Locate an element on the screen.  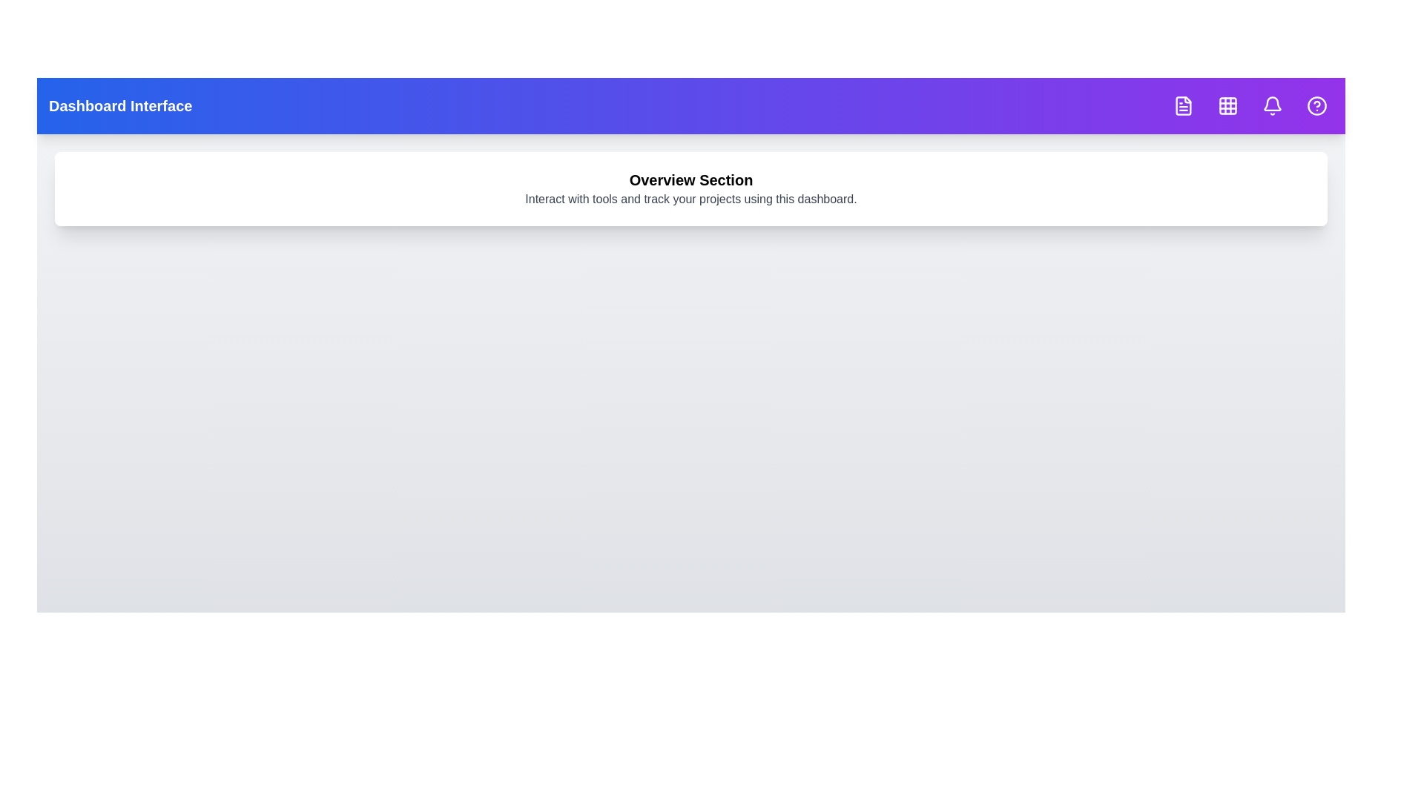
the icon with File Text tooltip to inspect its hover effect is located at coordinates (1183, 105).